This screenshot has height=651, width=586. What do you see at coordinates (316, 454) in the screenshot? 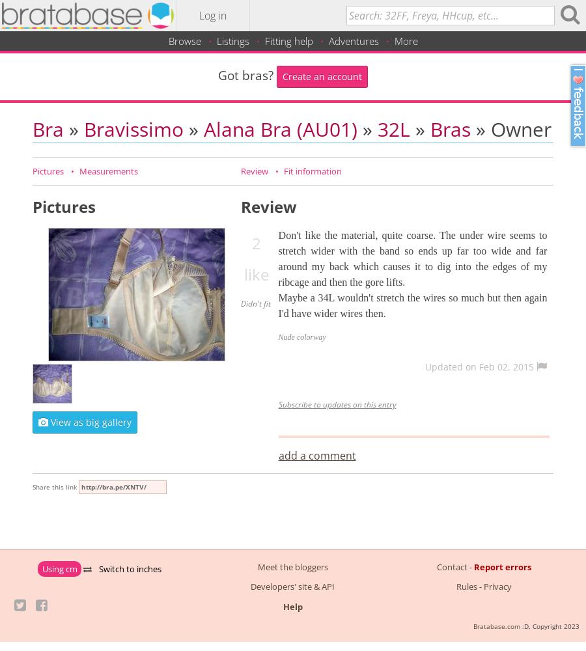
I see `'add a comment'` at bounding box center [316, 454].